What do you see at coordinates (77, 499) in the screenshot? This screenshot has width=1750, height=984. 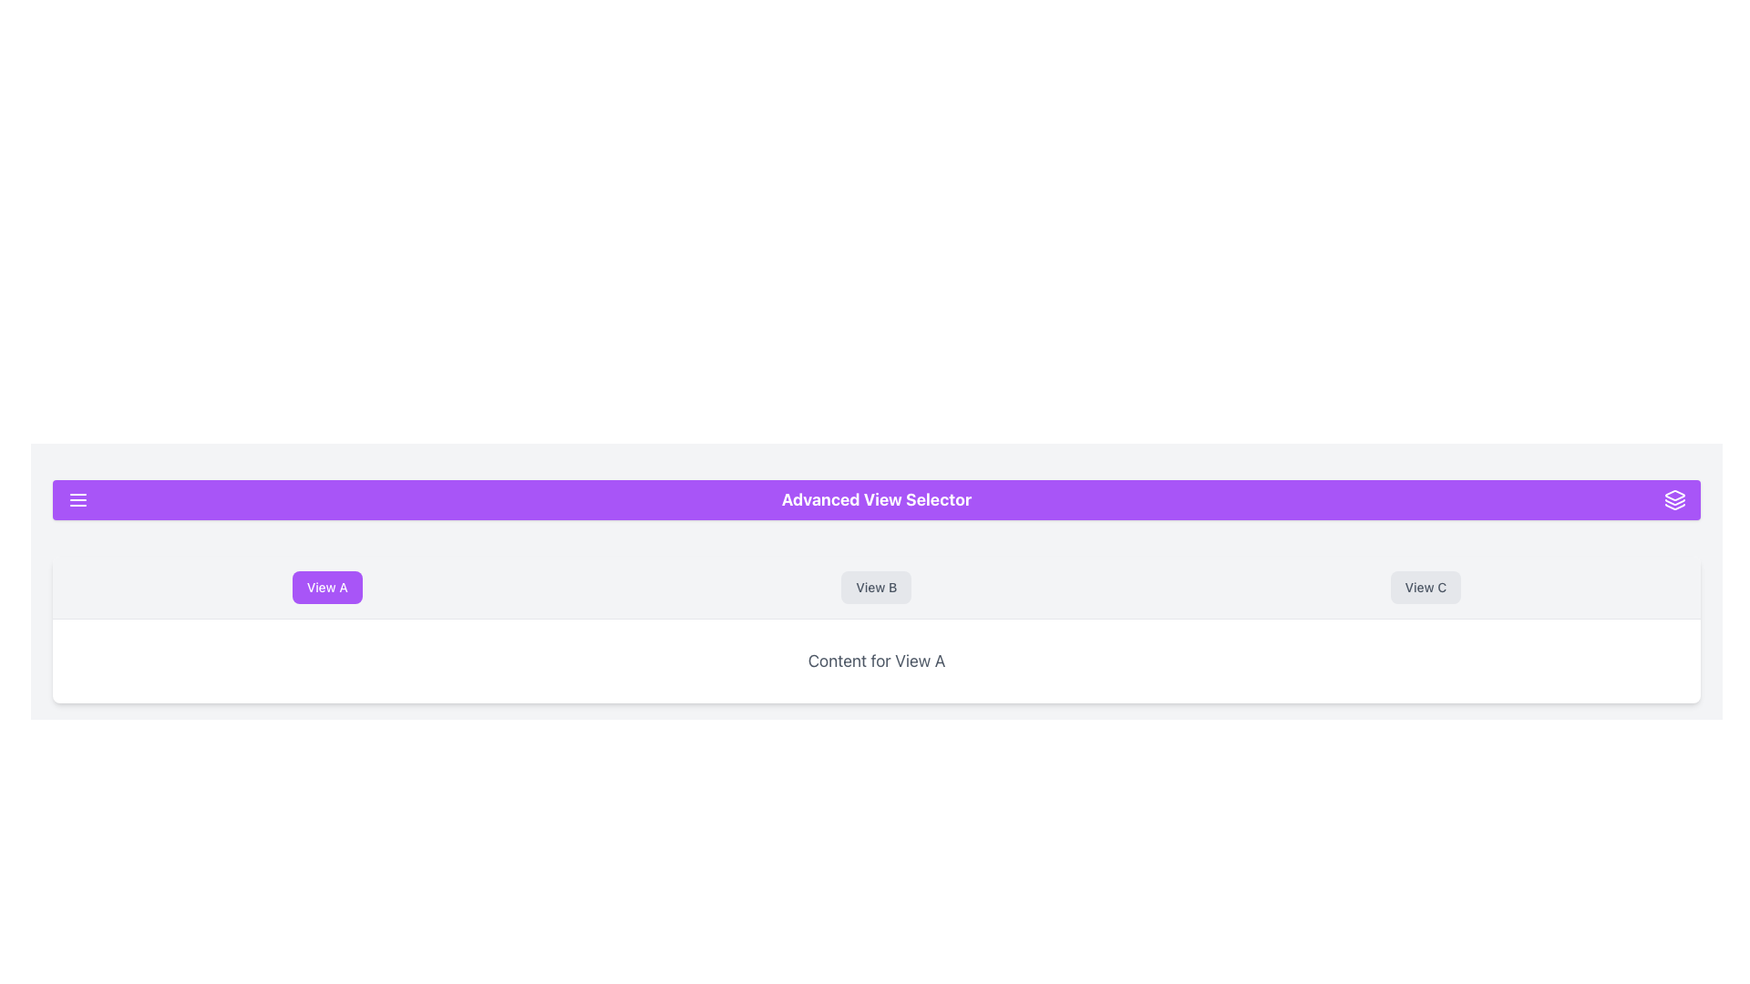 I see `the menu toggler icon located on the left edge of the 'Advanced View Selector' bar` at bounding box center [77, 499].